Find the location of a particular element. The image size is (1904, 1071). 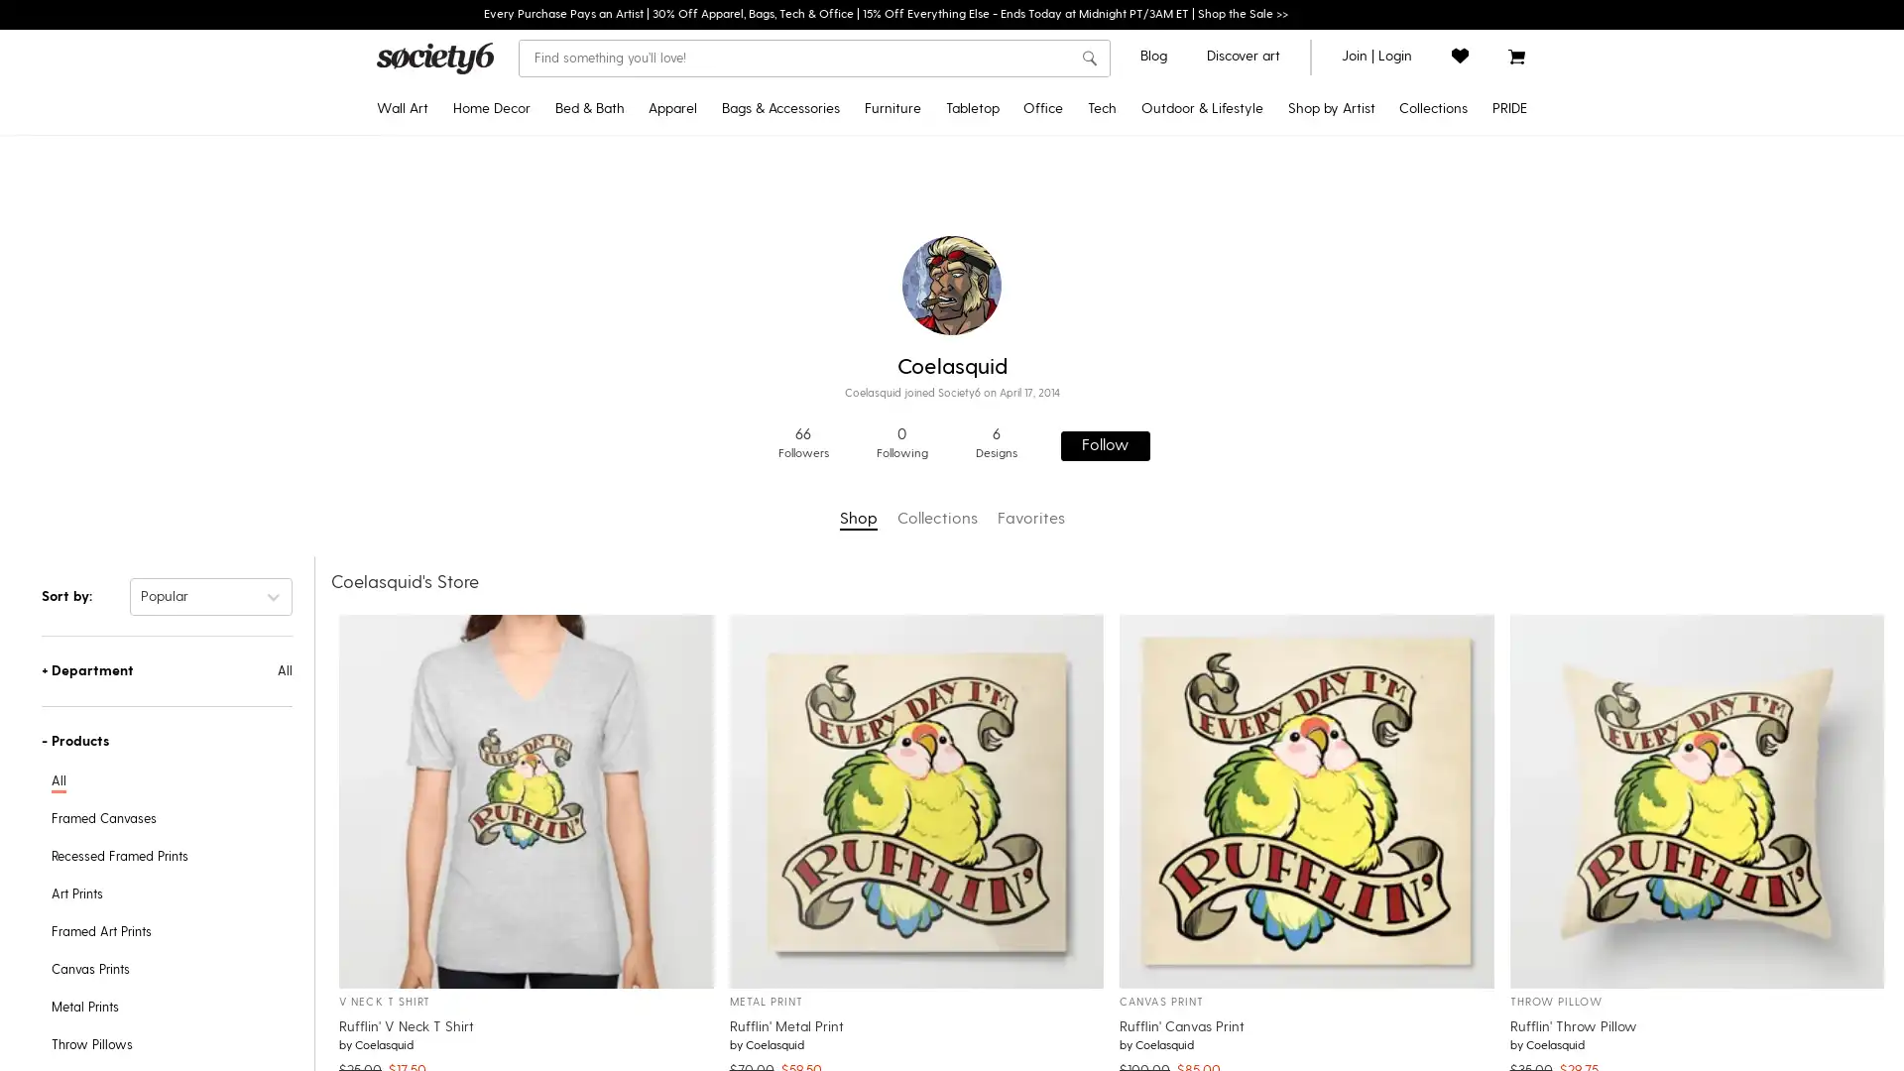

Pride MonthNEW is located at coordinates (1360, 159).